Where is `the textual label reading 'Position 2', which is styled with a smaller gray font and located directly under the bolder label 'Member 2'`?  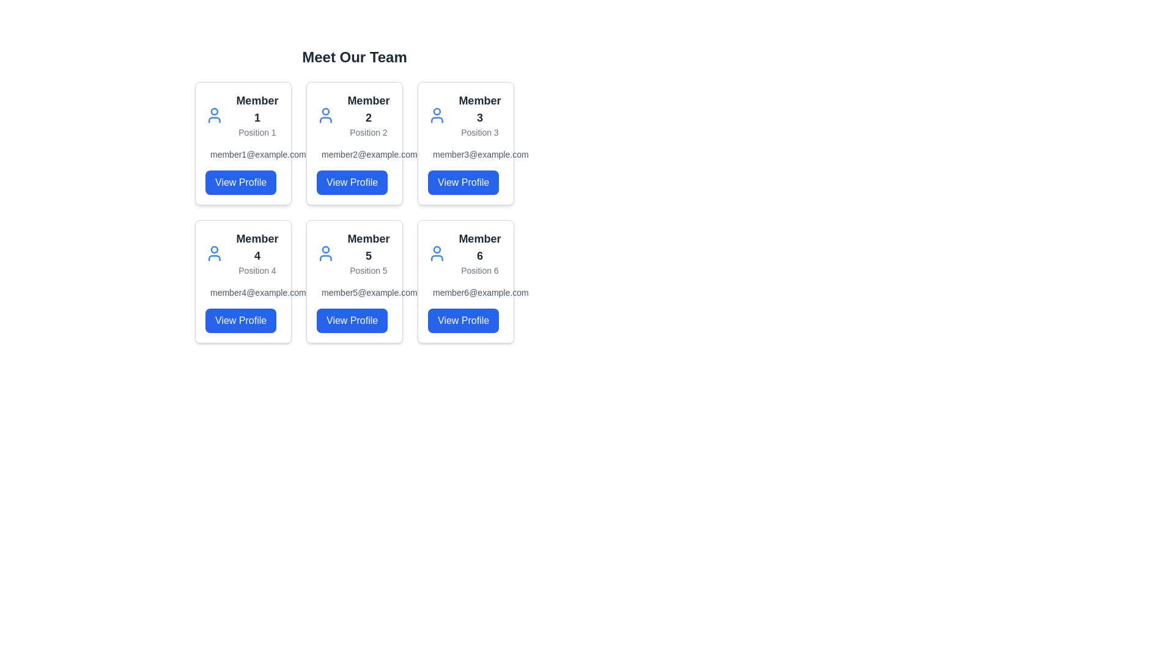
the textual label reading 'Position 2', which is styled with a smaller gray font and located directly under the bolder label 'Member 2' is located at coordinates (367, 132).